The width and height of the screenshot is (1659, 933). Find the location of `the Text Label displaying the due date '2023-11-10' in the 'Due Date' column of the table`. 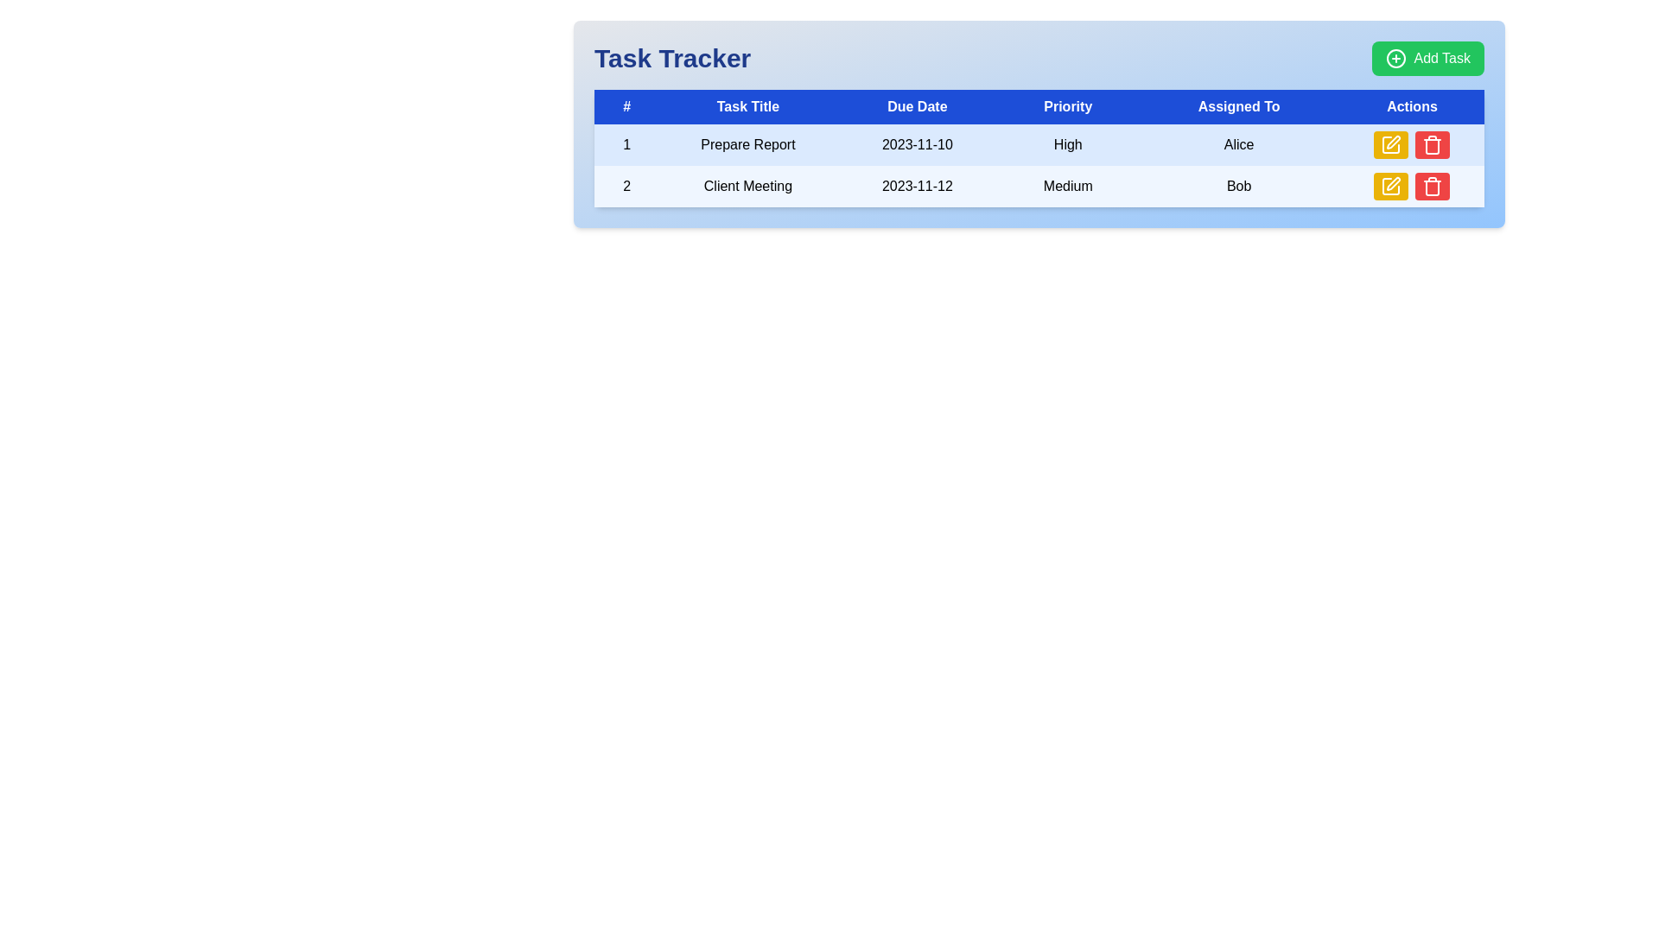

the Text Label displaying the due date '2023-11-10' in the 'Due Date' column of the table is located at coordinates (916, 144).